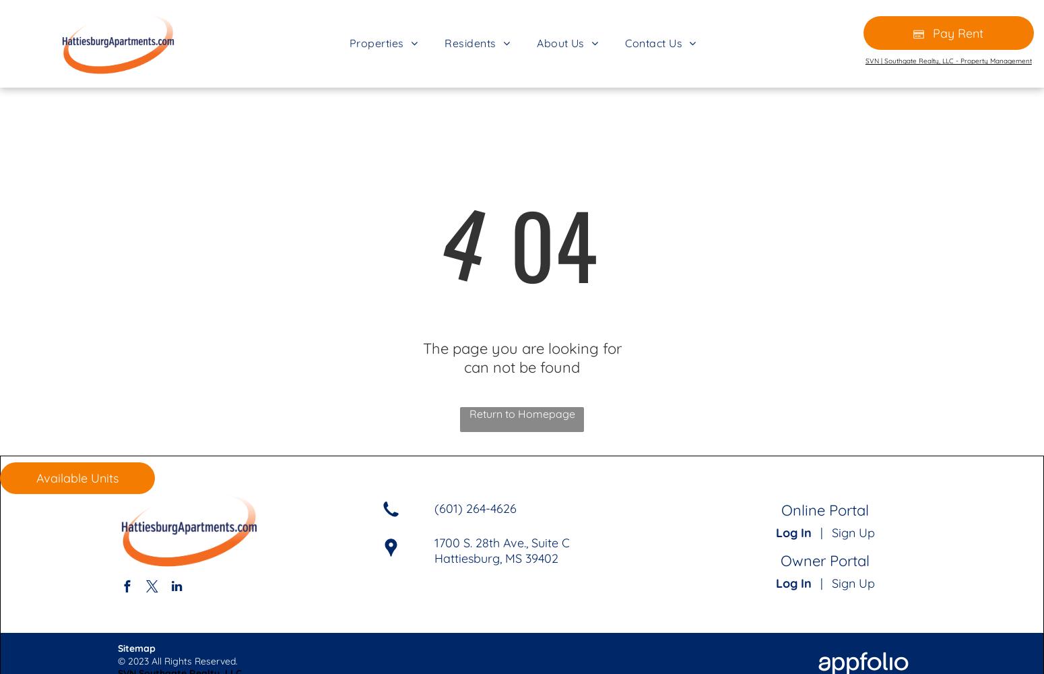  Describe the element at coordinates (653, 42) in the screenshot. I see `'Contact Us'` at that location.